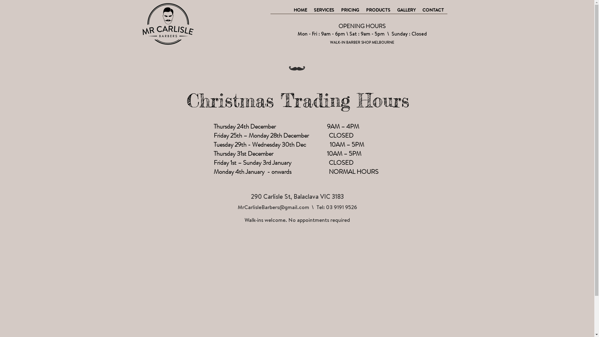 The image size is (599, 337). Describe the element at coordinates (64, 69) in the screenshot. I see `'TWIPLA (Visitor Analytics)'` at that location.